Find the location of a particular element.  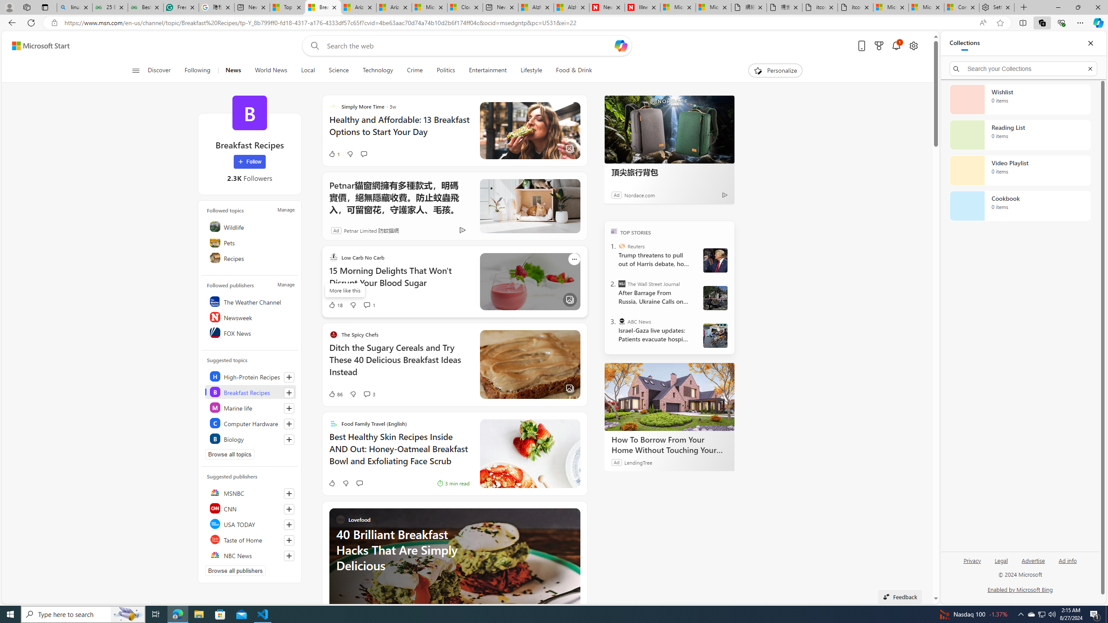

'Reuters' is located at coordinates (621, 246).